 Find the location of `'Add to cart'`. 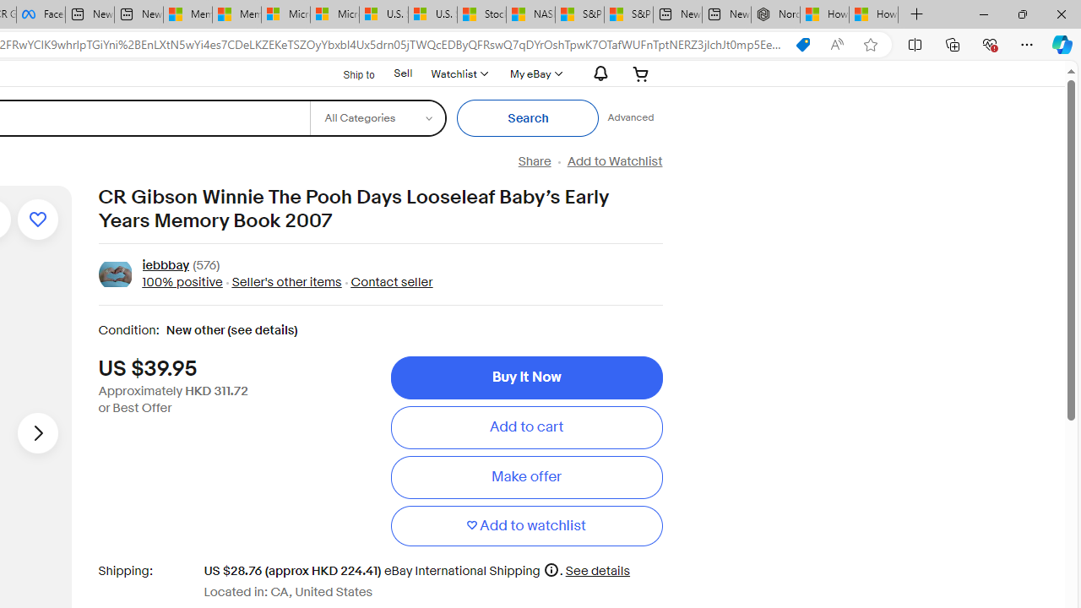

'Add to cart' is located at coordinates (525, 426).